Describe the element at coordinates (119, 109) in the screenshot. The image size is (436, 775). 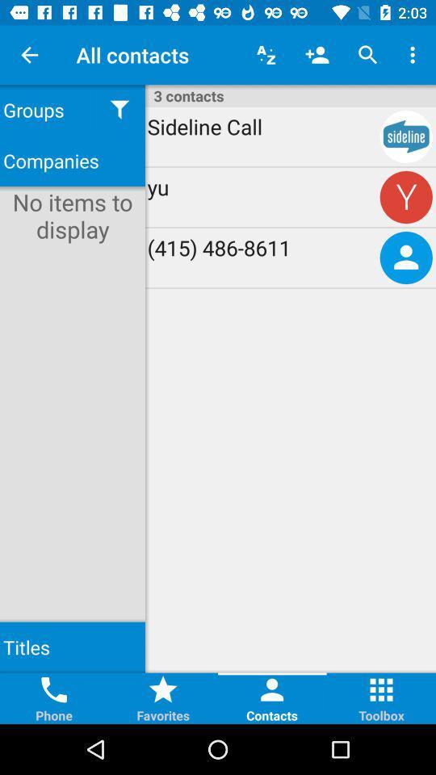
I see `the item above companies` at that location.